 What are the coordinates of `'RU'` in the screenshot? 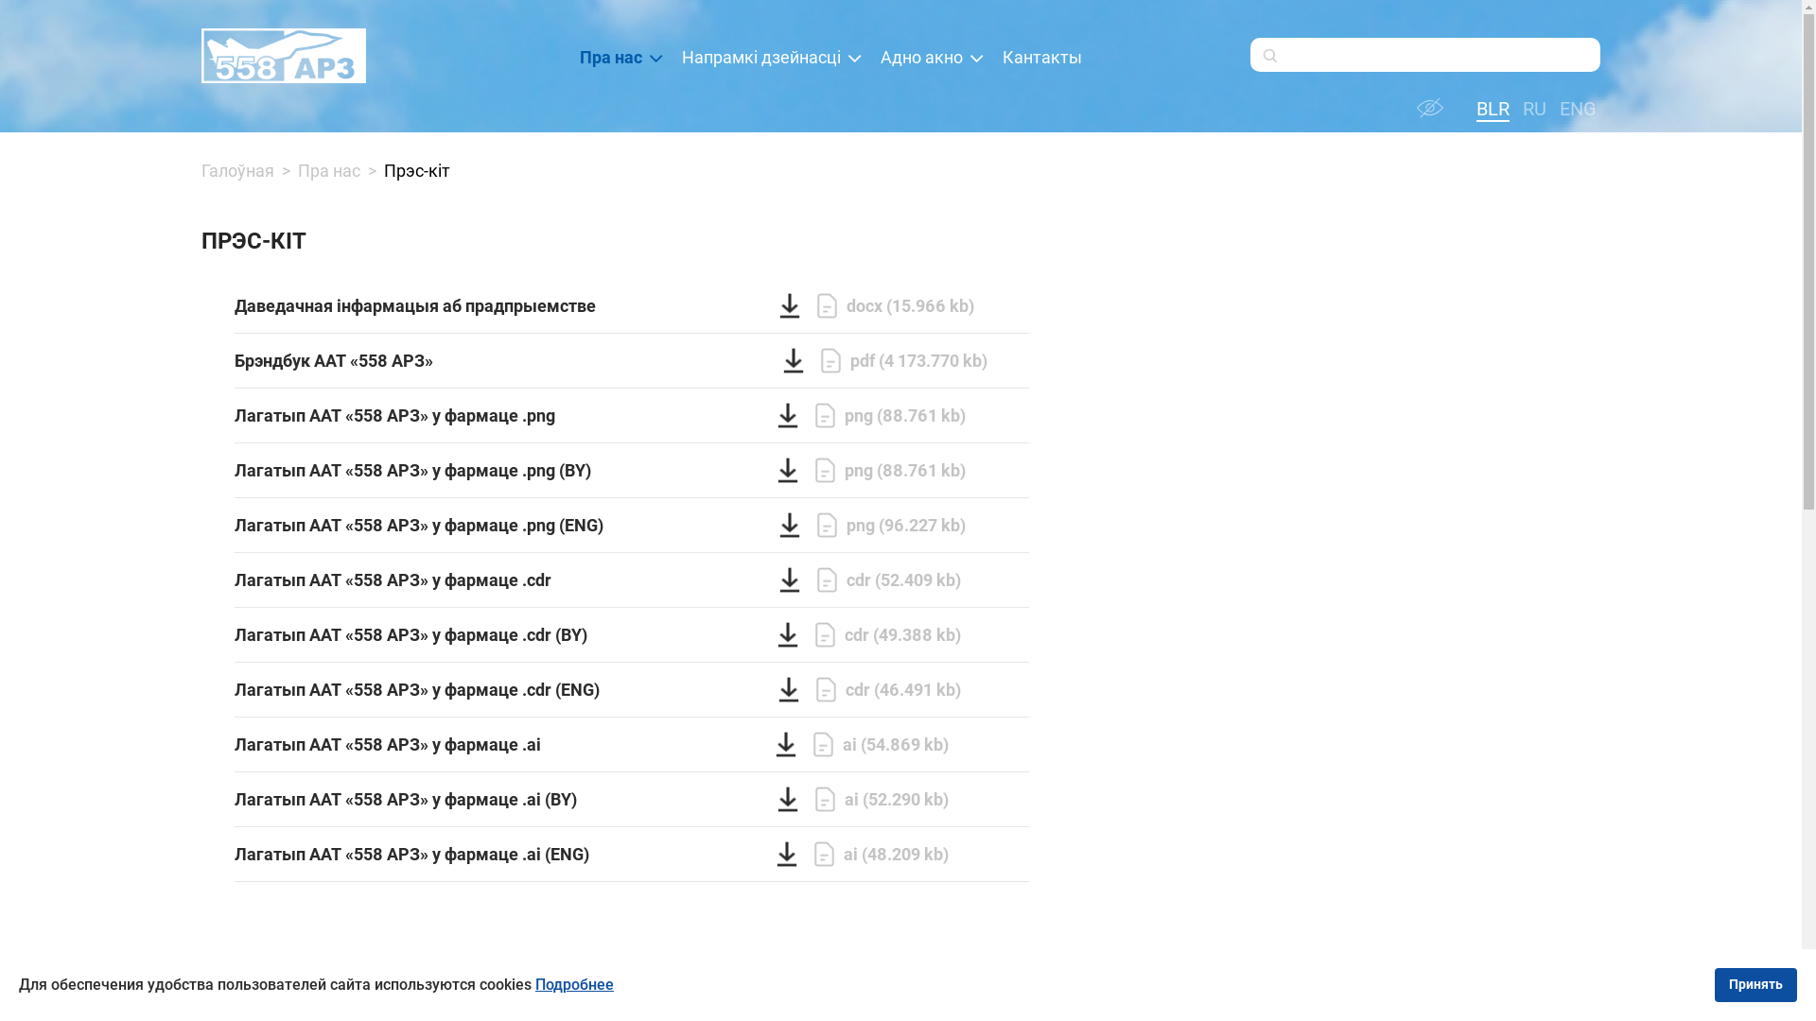 It's located at (1530, 109).